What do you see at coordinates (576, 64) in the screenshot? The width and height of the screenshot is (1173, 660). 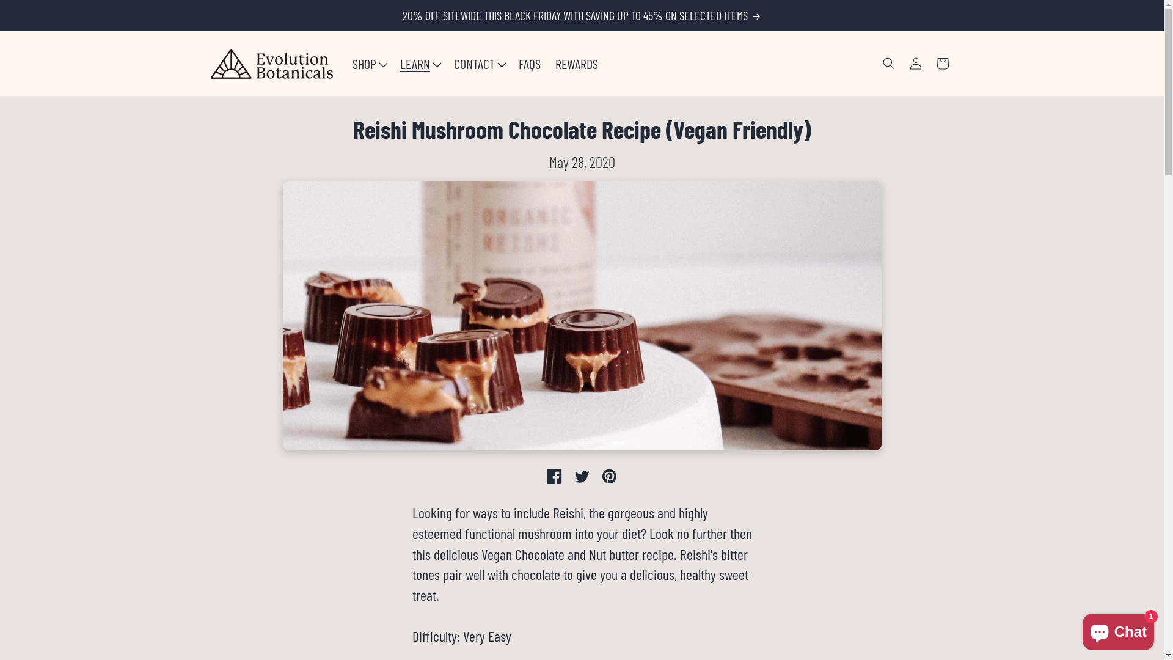 I see `'REWARDS'` at bounding box center [576, 64].